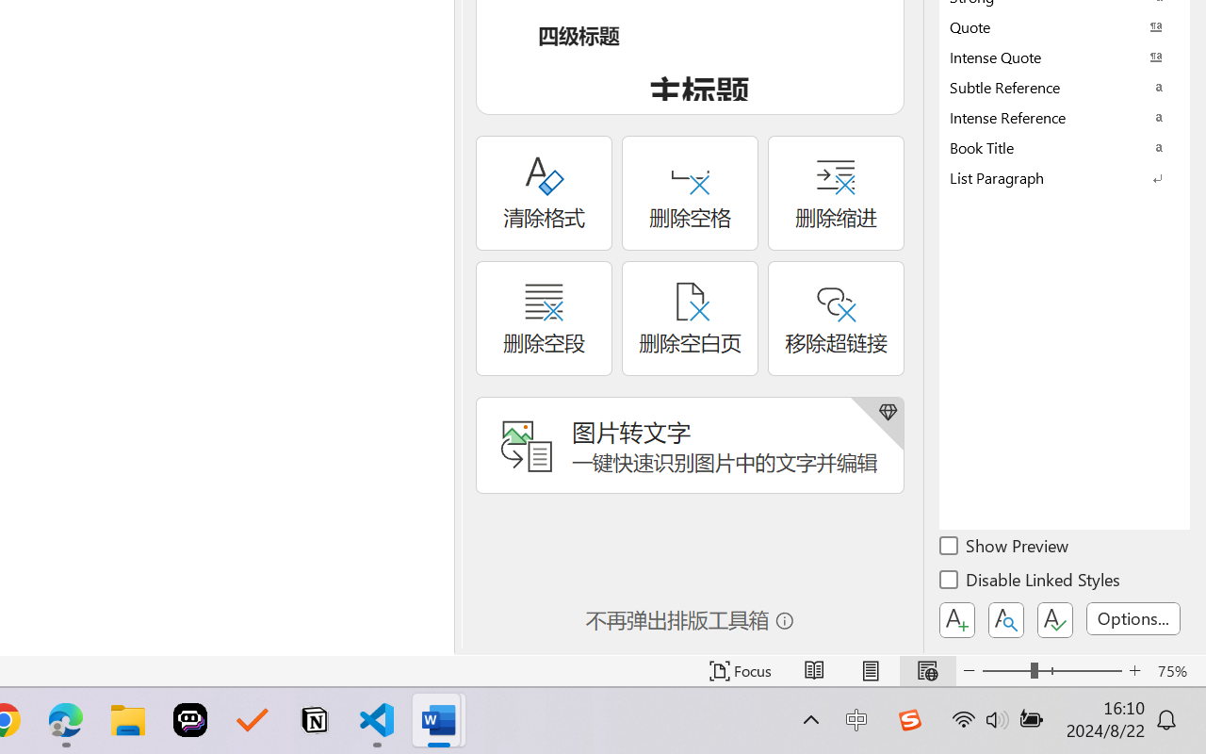  What do you see at coordinates (1065, 26) in the screenshot?
I see `'Quote'` at bounding box center [1065, 26].